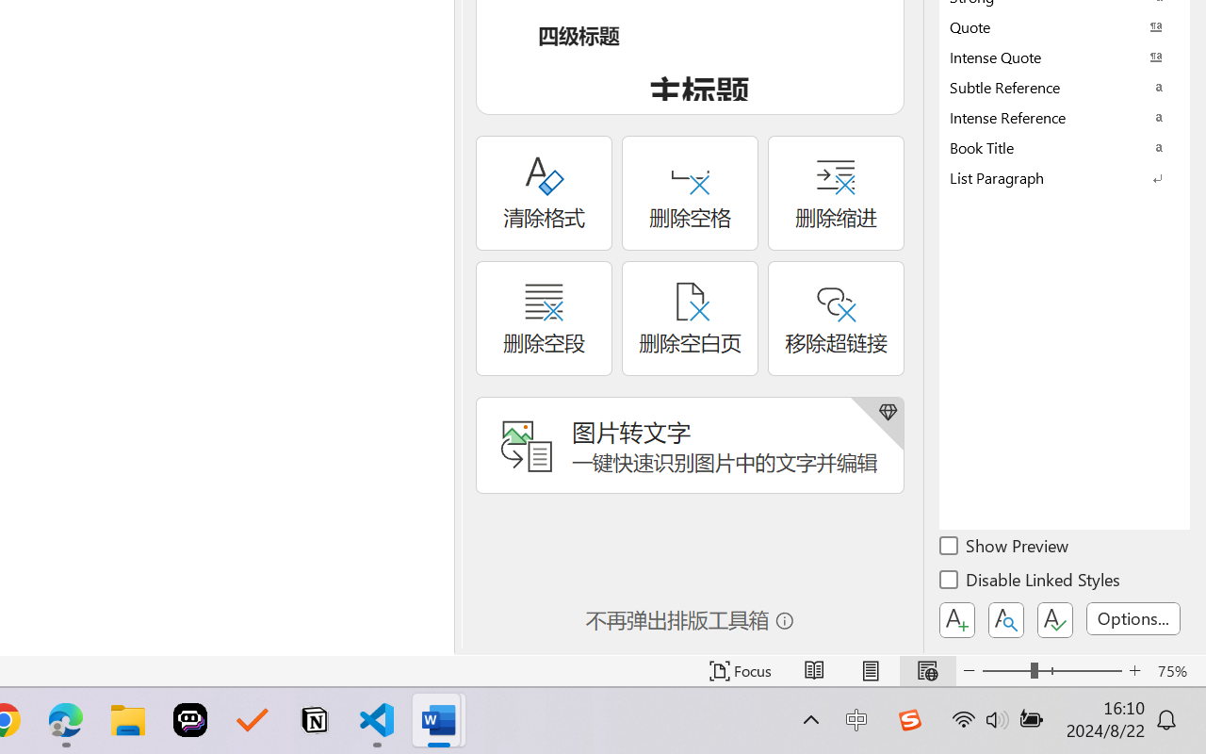  What do you see at coordinates (1065, 26) in the screenshot?
I see `'Quote'` at bounding box center [1065, 26].